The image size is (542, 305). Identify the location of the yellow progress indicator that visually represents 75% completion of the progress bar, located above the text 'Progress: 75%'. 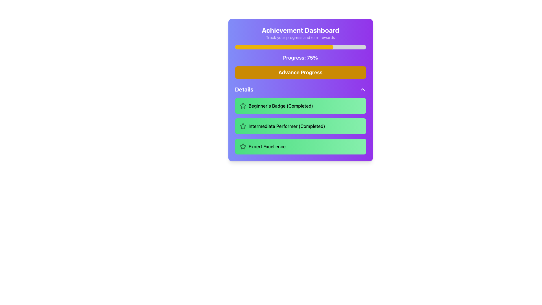
(284, 47).